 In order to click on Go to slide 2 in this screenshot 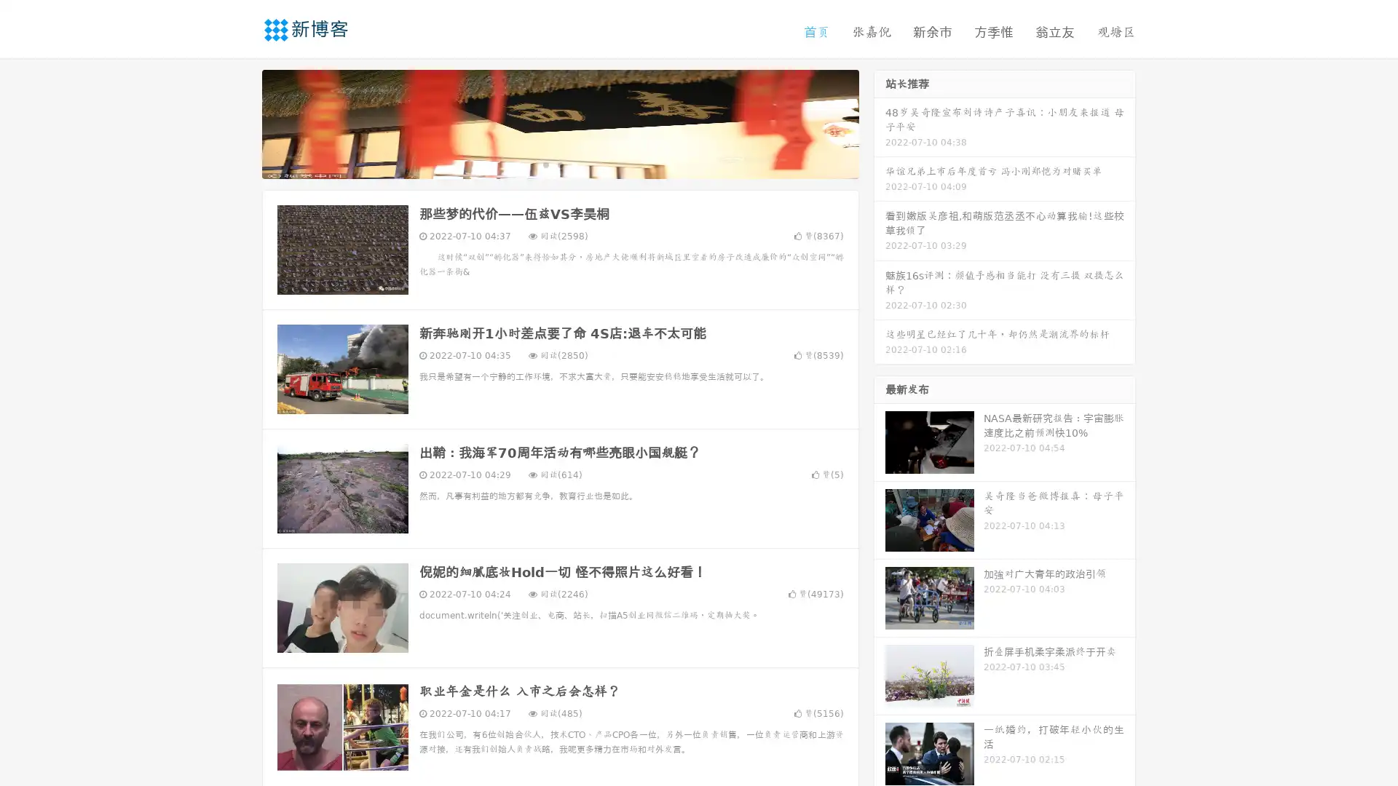, I will do `click(559, 164)`.